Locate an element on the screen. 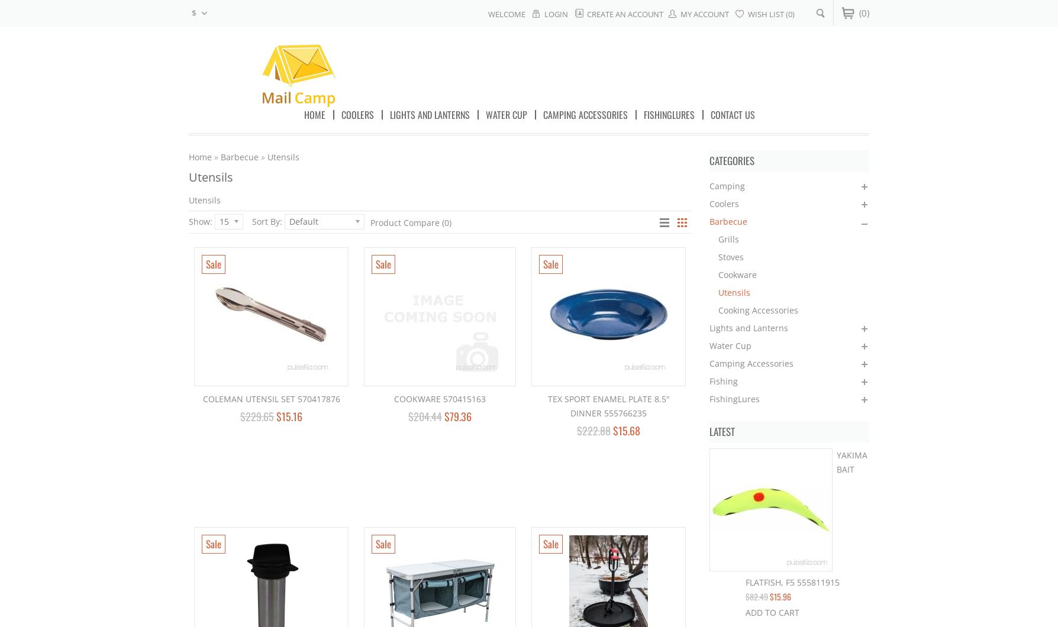 This screenshot has height=627, width=1058. 'Coleman Utensil Set   570417876' is located at coordinates (271, 398).